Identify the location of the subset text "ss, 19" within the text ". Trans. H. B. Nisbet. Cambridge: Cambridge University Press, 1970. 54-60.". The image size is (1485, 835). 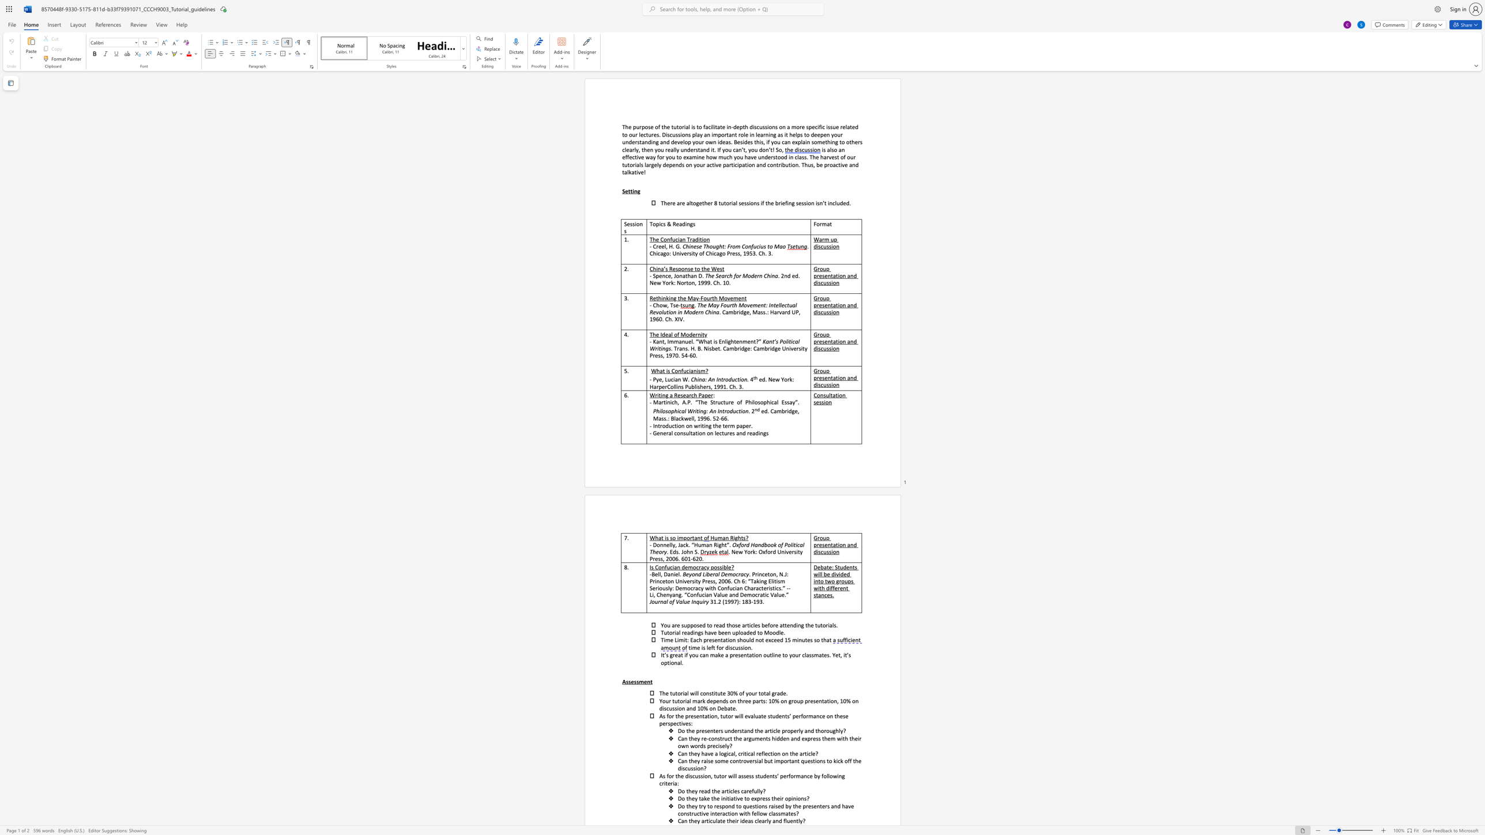
(657, 355).